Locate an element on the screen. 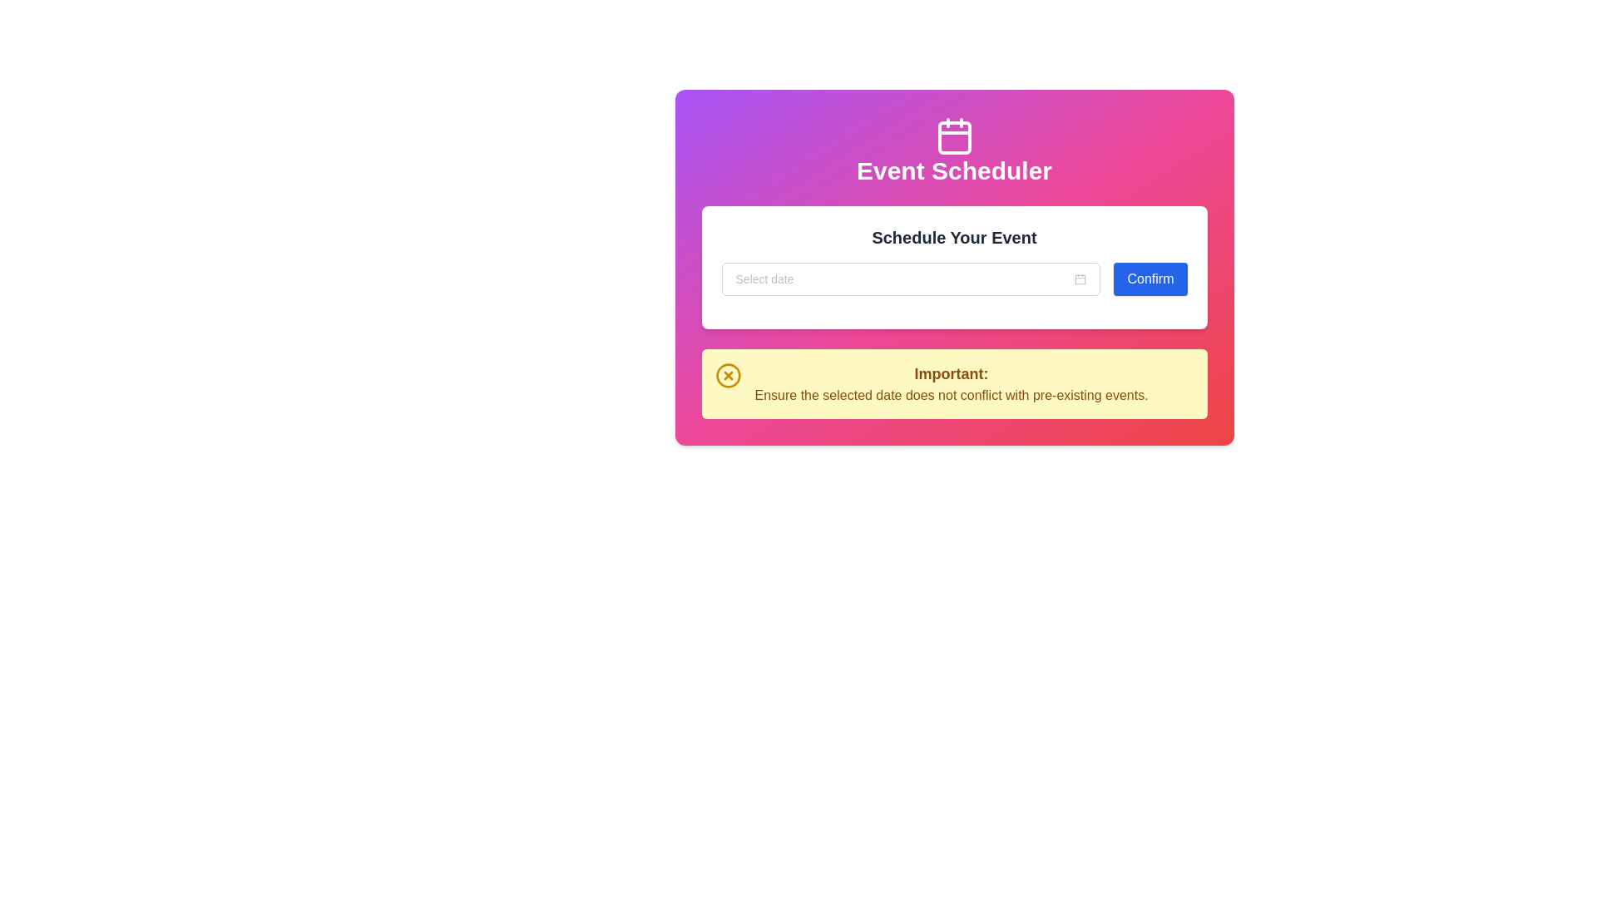 This screenshot has height=898, width=1597. the yellow circular icon with a cross inside, which is located to the left of the notification bar containing the text 'Important: Ensure the selected date does not conflict with pre-existing events.' is located at coordinates (728, 375).